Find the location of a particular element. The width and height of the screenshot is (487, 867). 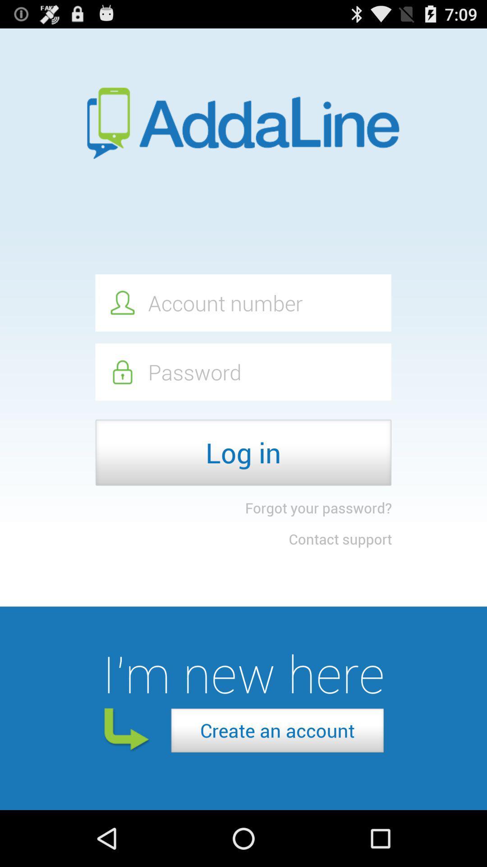

write your password is located at coordinates (243, 372).